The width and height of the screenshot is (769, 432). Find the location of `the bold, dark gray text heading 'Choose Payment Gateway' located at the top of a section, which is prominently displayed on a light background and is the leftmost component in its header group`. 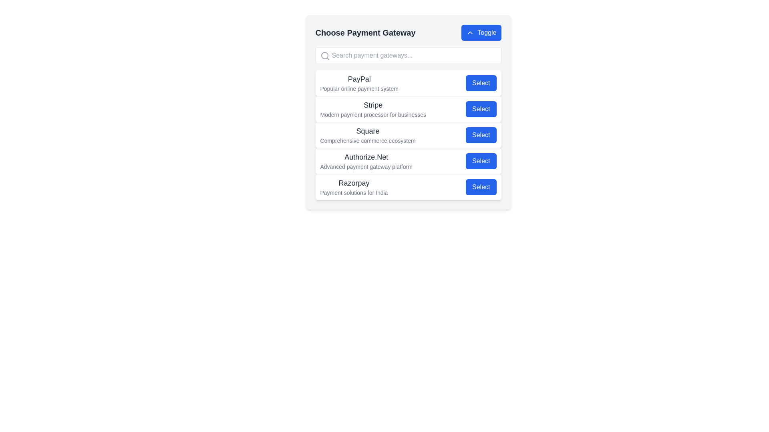

the bold, dark gray text heading 'Choose Payment Gateway' located at the top of a section, which is prominently displayed on a light background and is the leftmost component in its header group is located at coordinates (365, 32).